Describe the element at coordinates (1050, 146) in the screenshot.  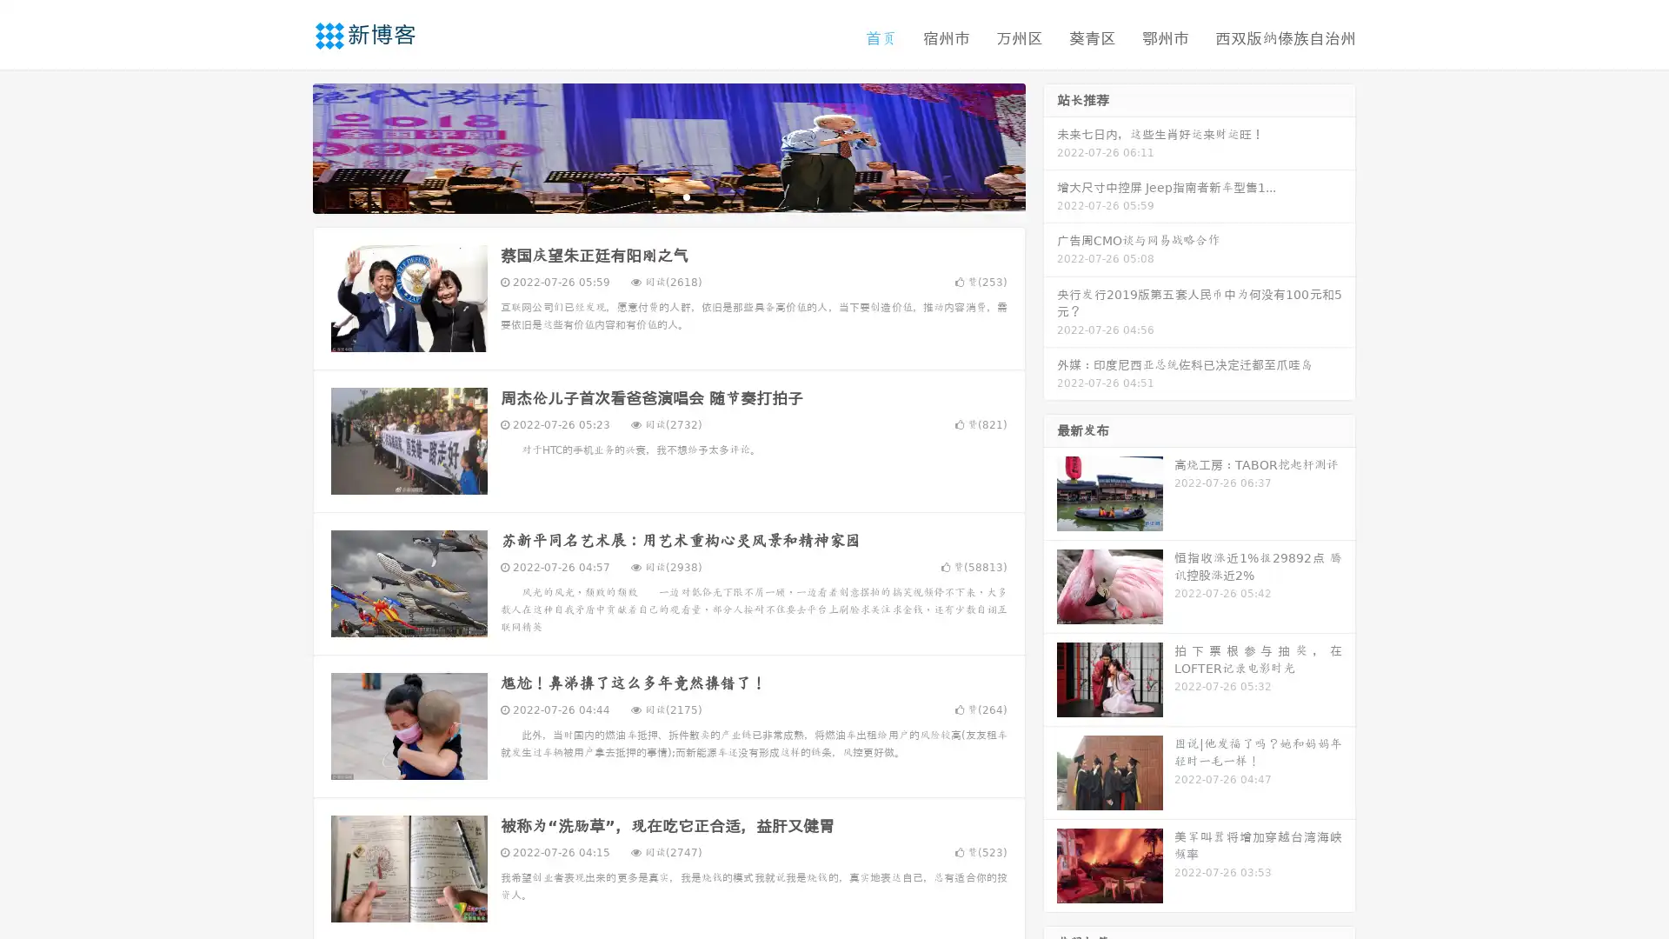
I see `Next slide` at that location.